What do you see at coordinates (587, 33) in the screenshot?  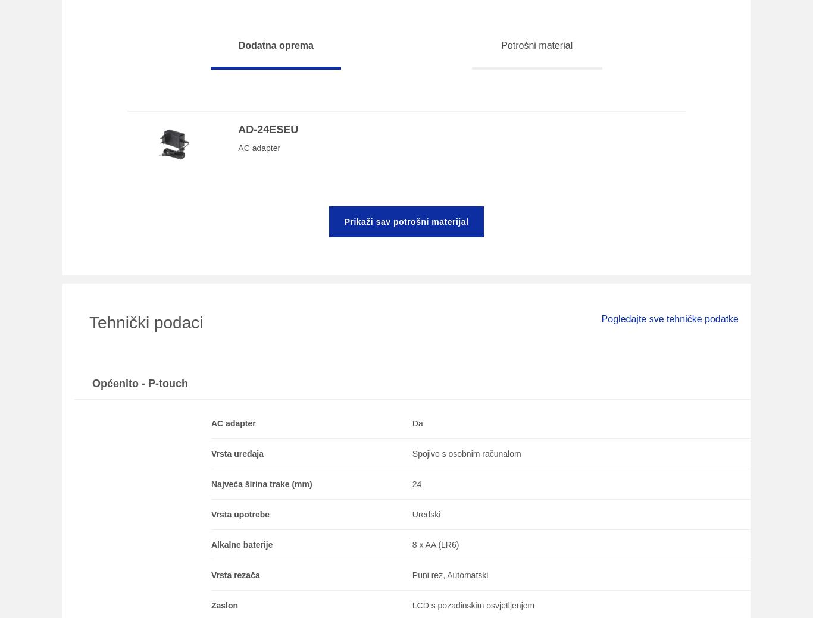 I see `'Pogledajte upute'` at bounding box center [587, 33].